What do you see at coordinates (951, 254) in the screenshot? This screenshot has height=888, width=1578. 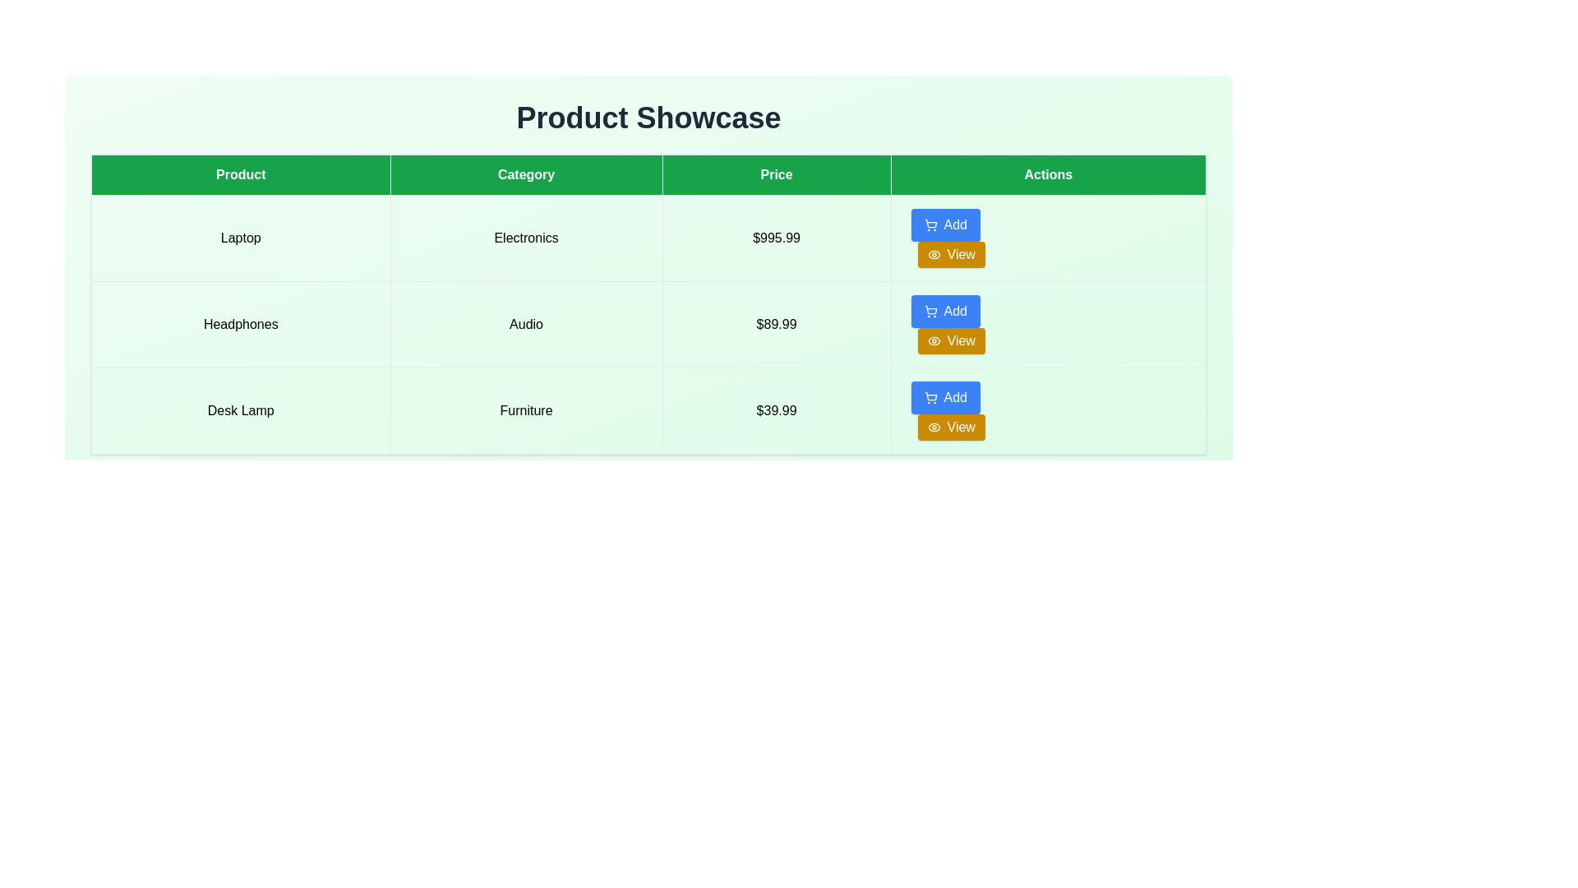 I see `the actionable button in the 'Actions' column for the 'Laptop' product` at bounding box center [951, 254].